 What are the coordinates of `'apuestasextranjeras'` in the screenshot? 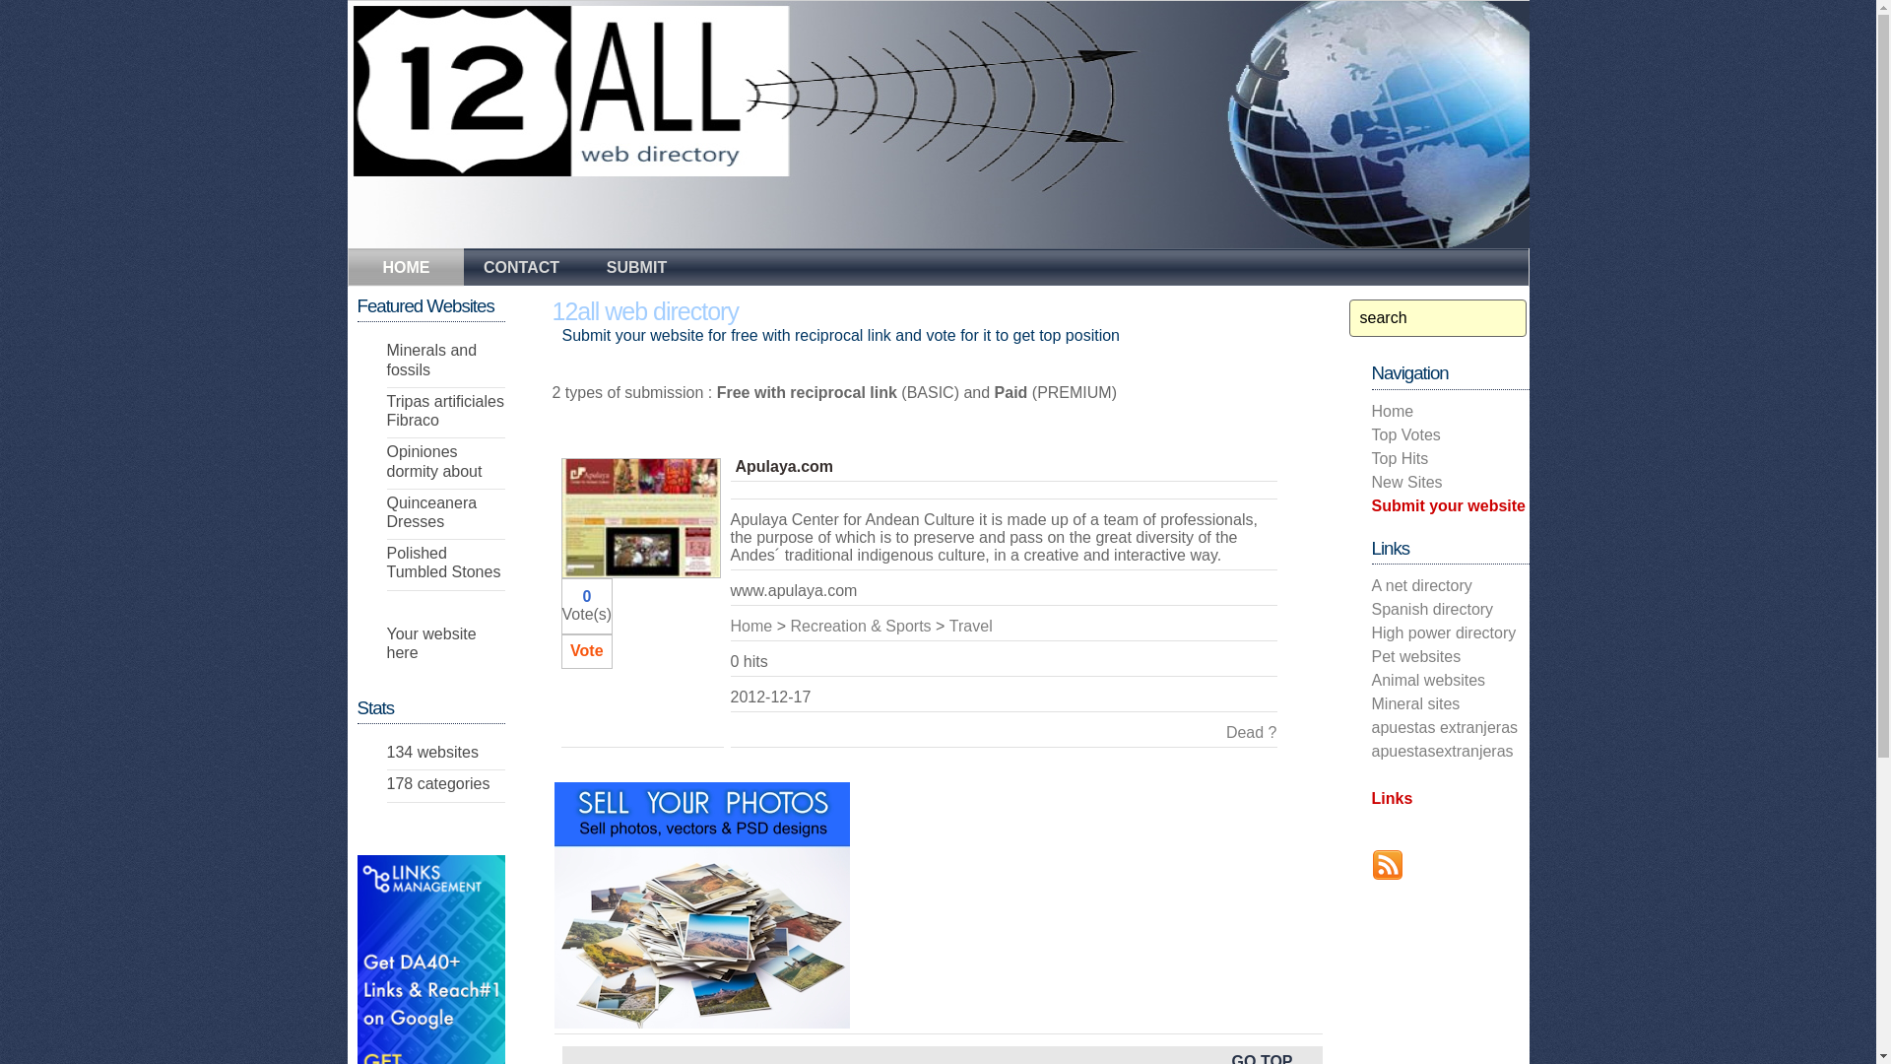 It's located at (1442, 751).